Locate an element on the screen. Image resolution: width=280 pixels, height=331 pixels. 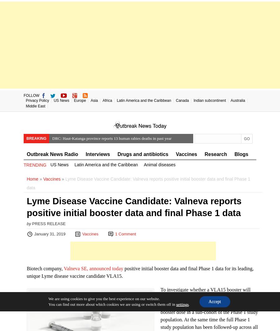
'Africa: 89 chikungunya cases reported in Pouytenga, Burkina Faso' is located at coordinates (106, 166).